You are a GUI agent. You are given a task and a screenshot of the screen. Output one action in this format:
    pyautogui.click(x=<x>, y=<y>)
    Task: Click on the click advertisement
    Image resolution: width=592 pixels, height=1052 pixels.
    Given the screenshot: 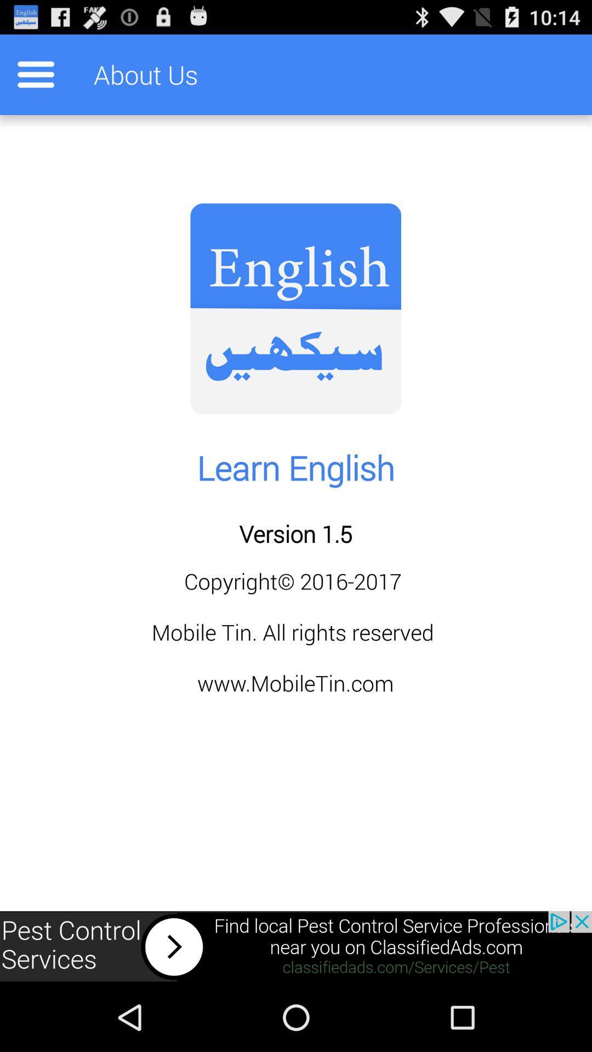 What is the action you would take?
    pyautogui.click(x=296, y=946)
    